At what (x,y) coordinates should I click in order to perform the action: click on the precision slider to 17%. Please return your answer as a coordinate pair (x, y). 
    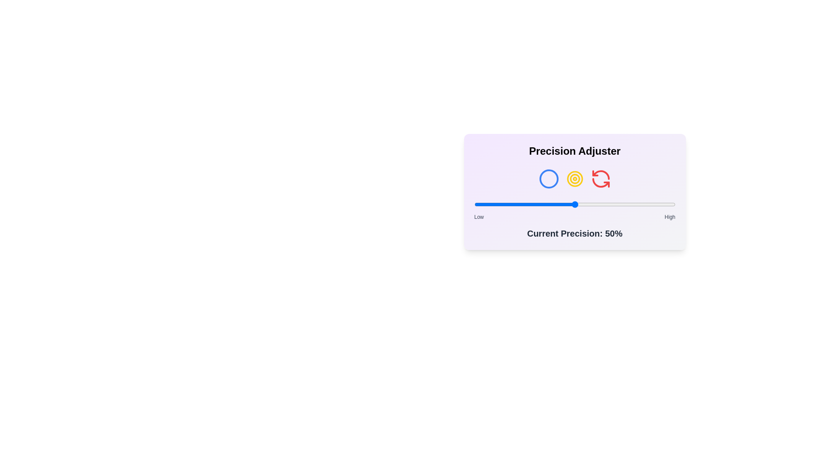
    Looking at the image, I should click on (508, 204).